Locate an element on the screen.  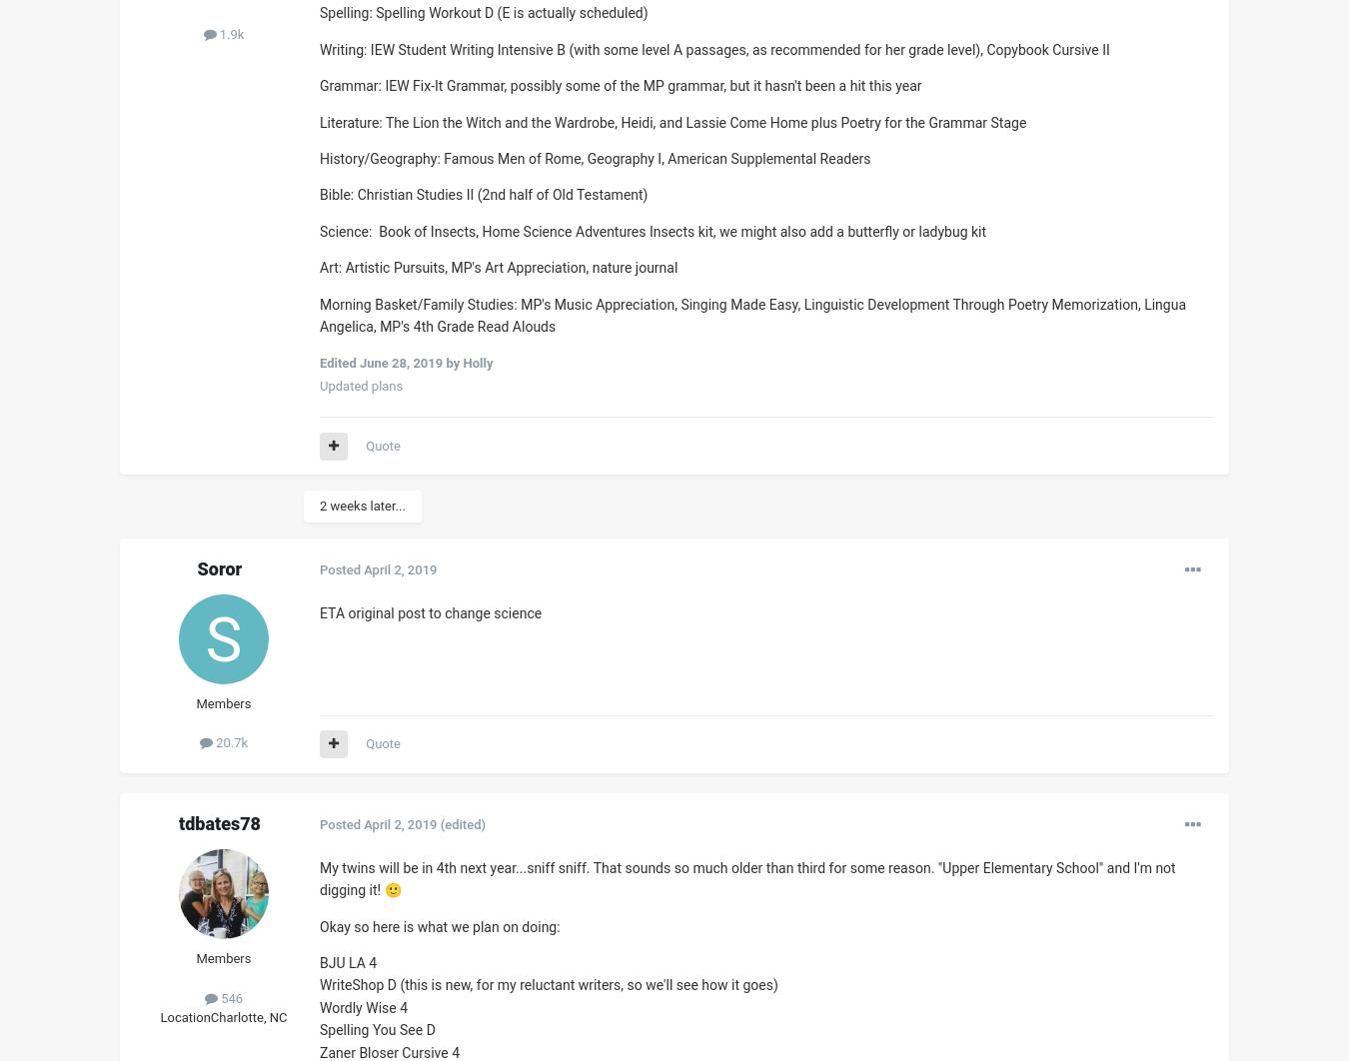
'History/Geography: Famous Men of Rome, Geography I, American Supplemental Readers' is located at coordinates (595, 158).